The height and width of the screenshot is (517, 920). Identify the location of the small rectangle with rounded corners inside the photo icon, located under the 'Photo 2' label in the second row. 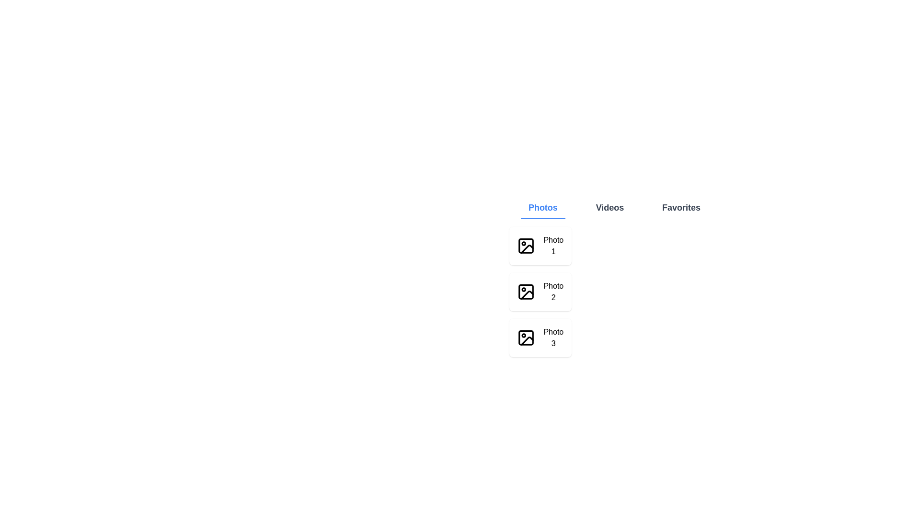
(526, 291).